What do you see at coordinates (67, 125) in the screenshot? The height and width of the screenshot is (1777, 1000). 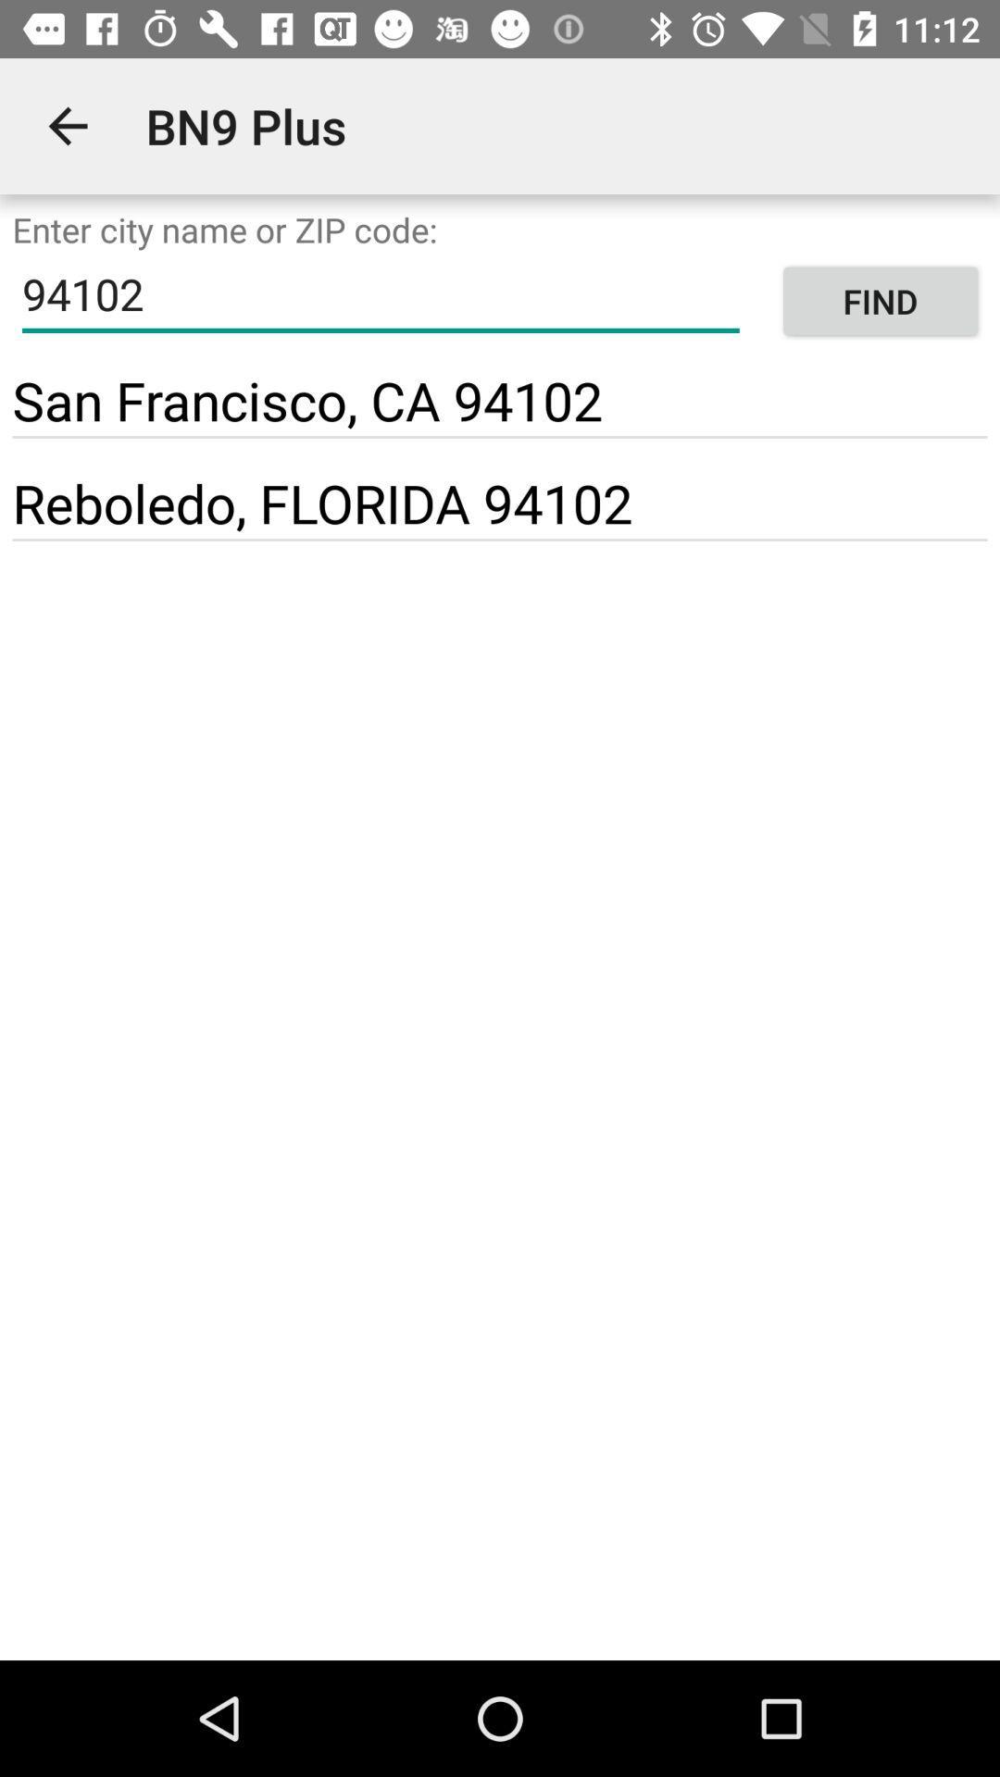 I see `the icon to the left of bn9 plus` at bounding box center [67, 125].